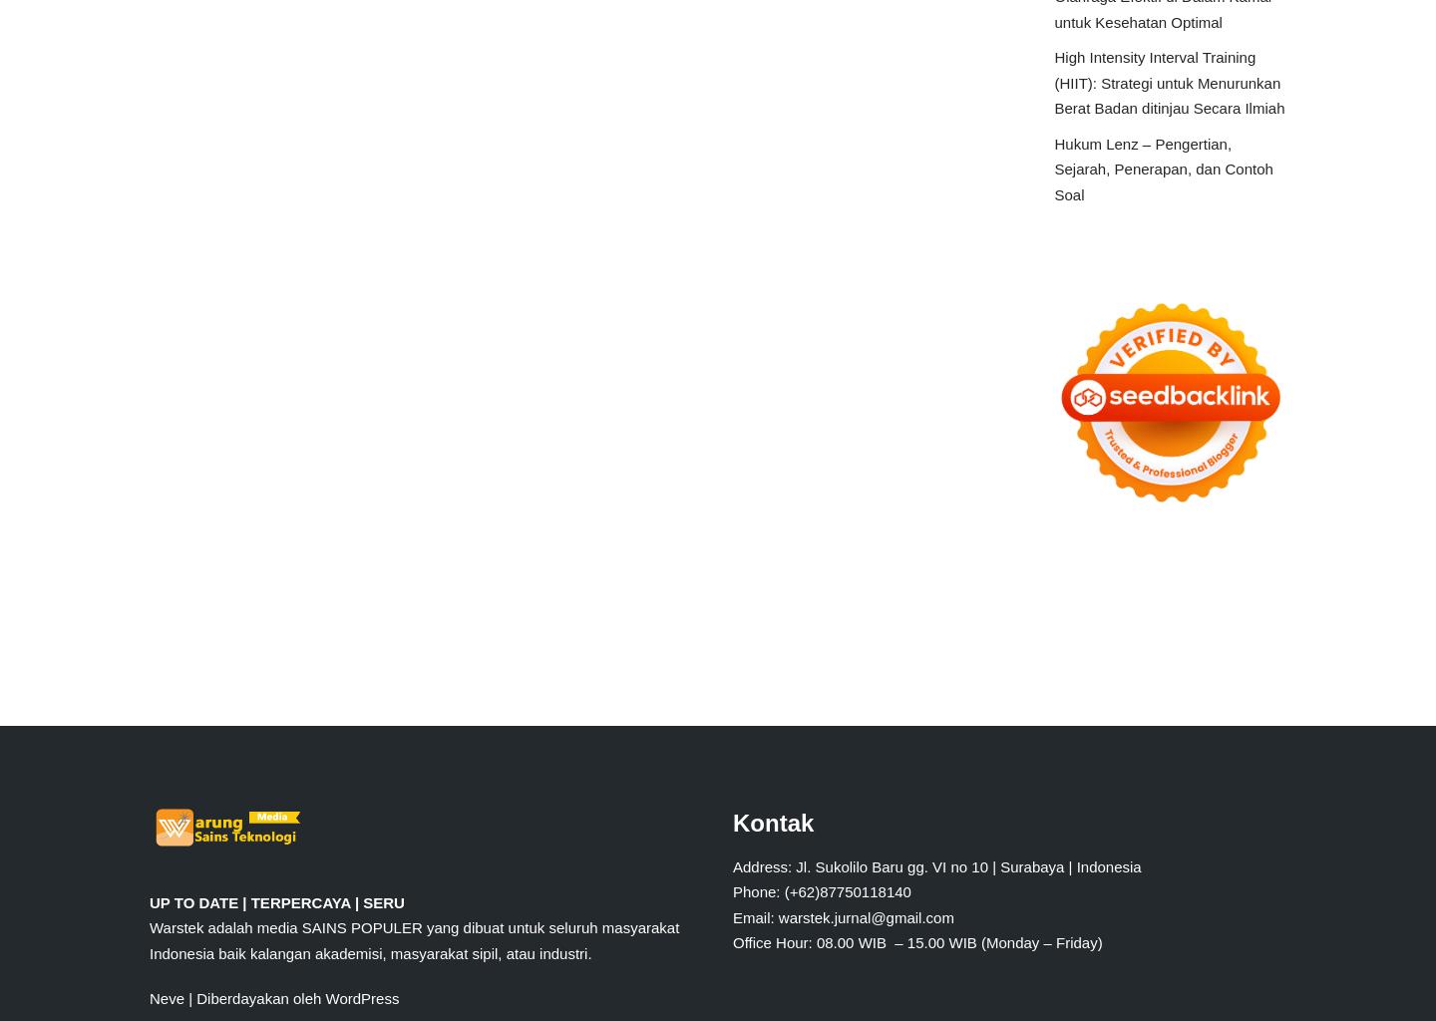 The width and height of the screenshot is (1436, 1021). Describe the element at coordinates (166, 997) in the screenshot. I see `'Neve'` at that location.